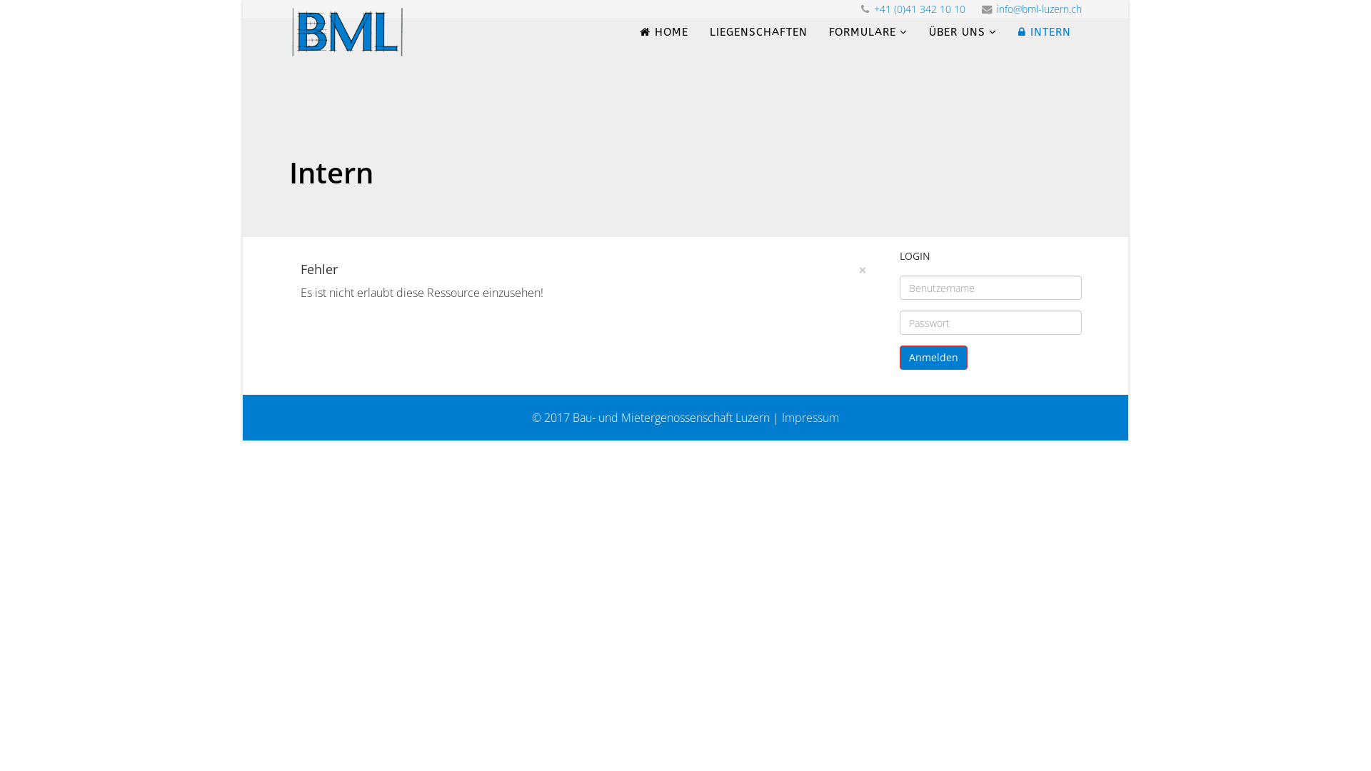  Describe the element at coordinates (810, 418) in the screenshot. I see `'Impressum'` at that location.